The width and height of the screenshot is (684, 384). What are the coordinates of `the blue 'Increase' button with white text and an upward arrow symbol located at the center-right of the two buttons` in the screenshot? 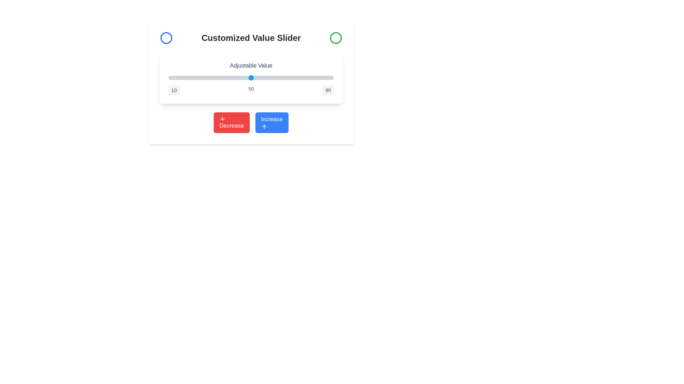 It's located at (271, 122).